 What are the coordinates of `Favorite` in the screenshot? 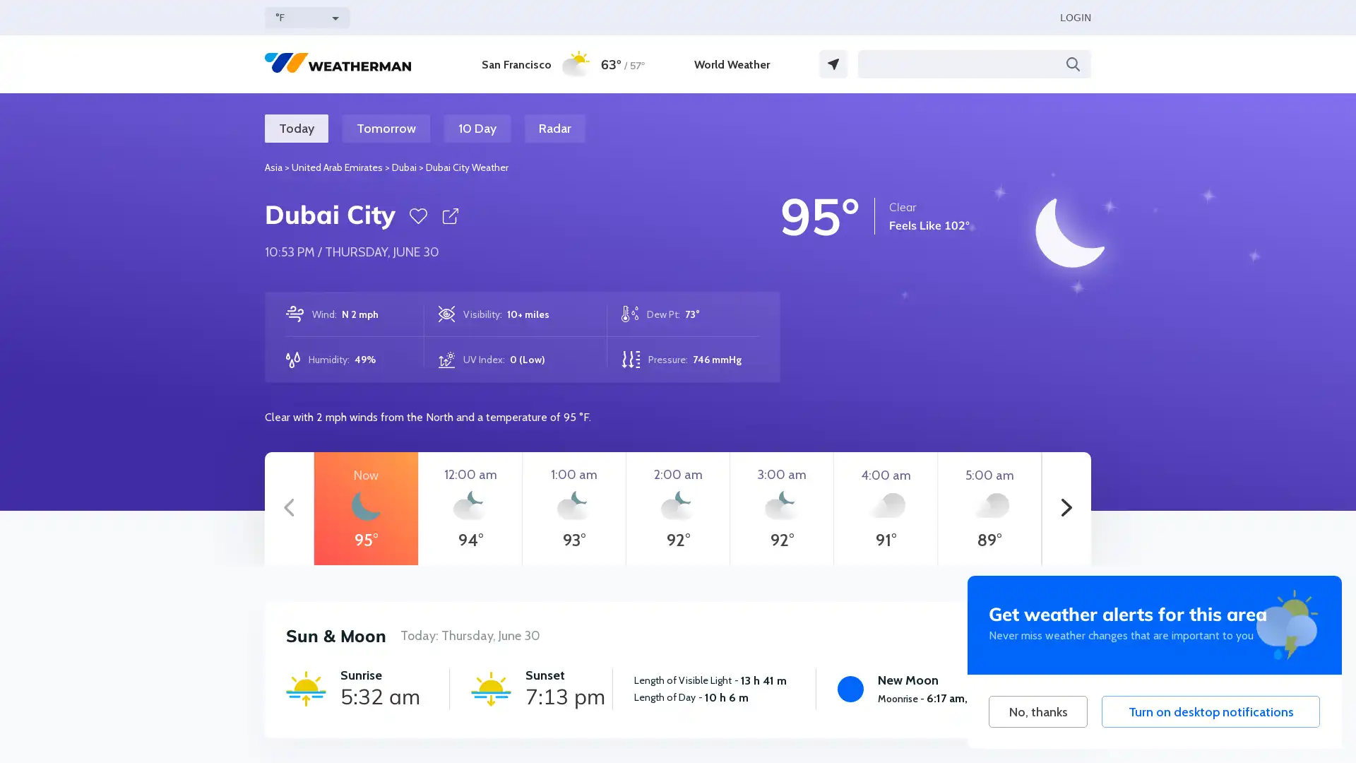 It's located at (417, 215).